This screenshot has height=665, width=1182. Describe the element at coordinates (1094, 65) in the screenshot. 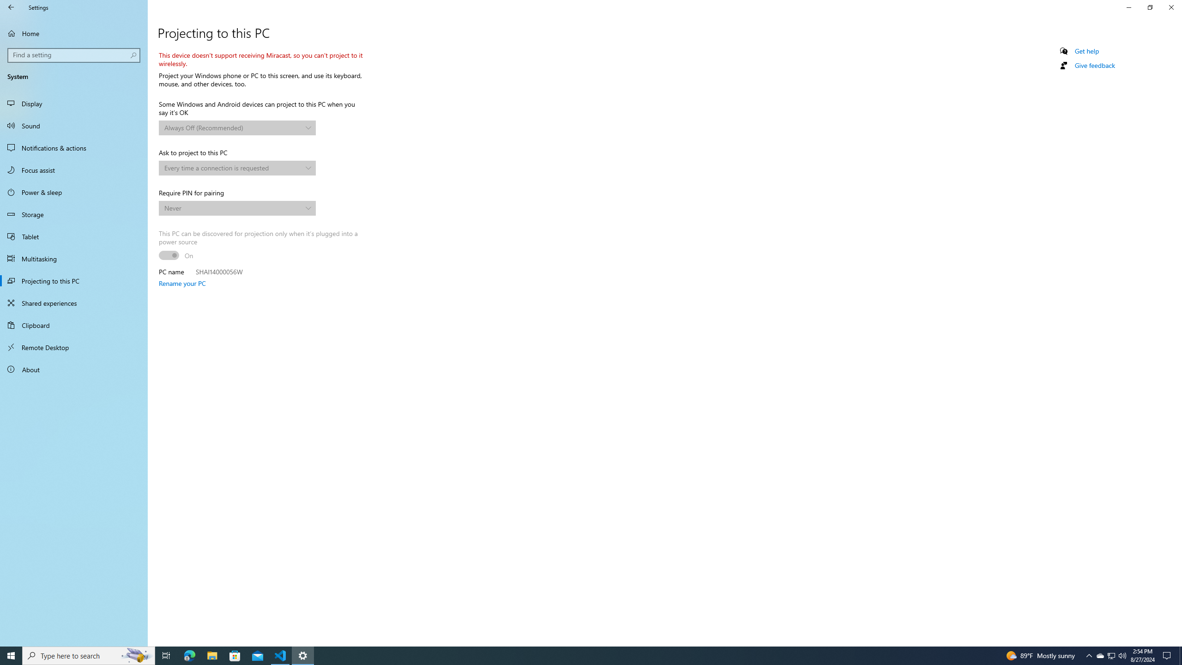

I see `'Give feedback'` at that location.